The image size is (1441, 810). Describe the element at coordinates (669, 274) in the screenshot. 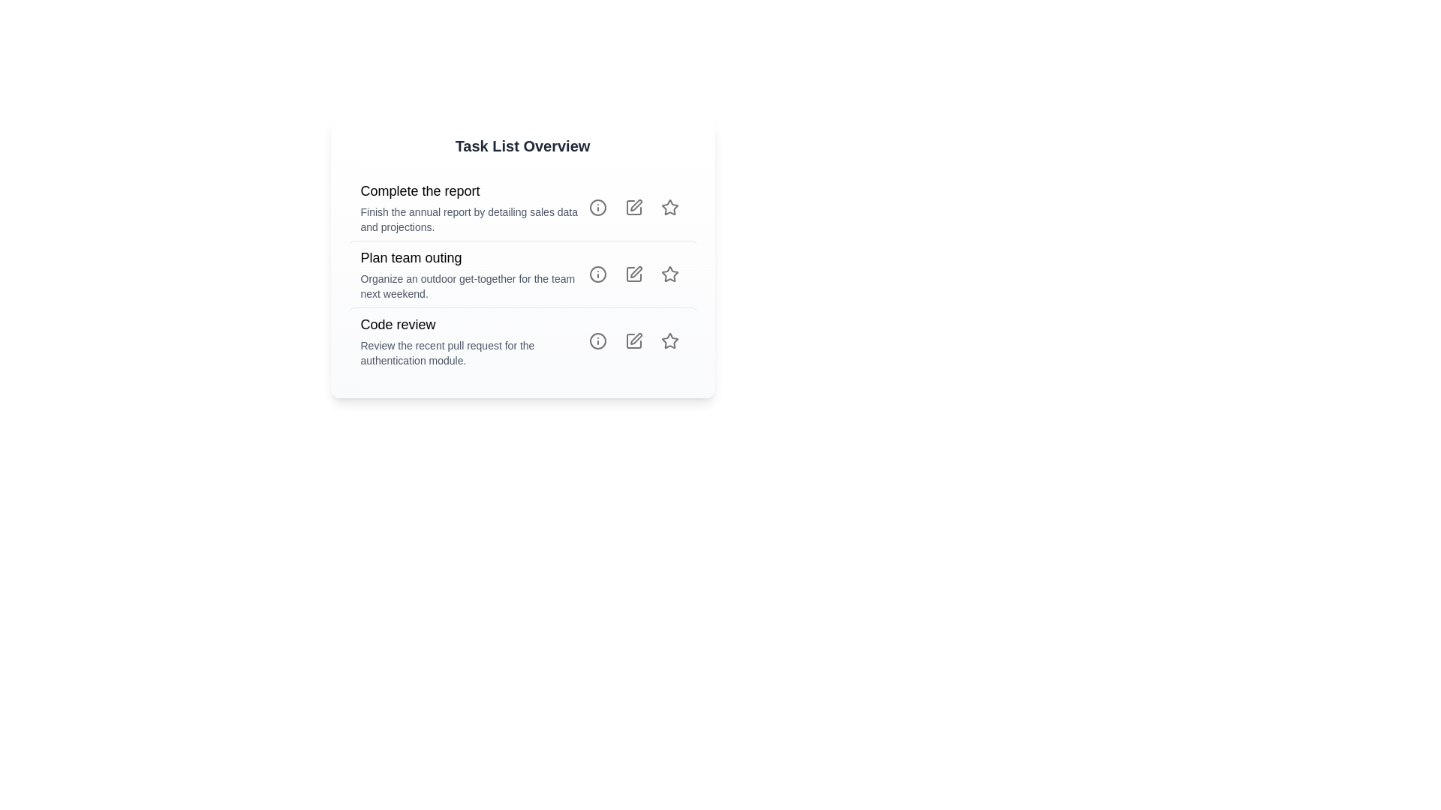

I see `the star icon button on the right side of the 'Plan team outing' task row` at that location.